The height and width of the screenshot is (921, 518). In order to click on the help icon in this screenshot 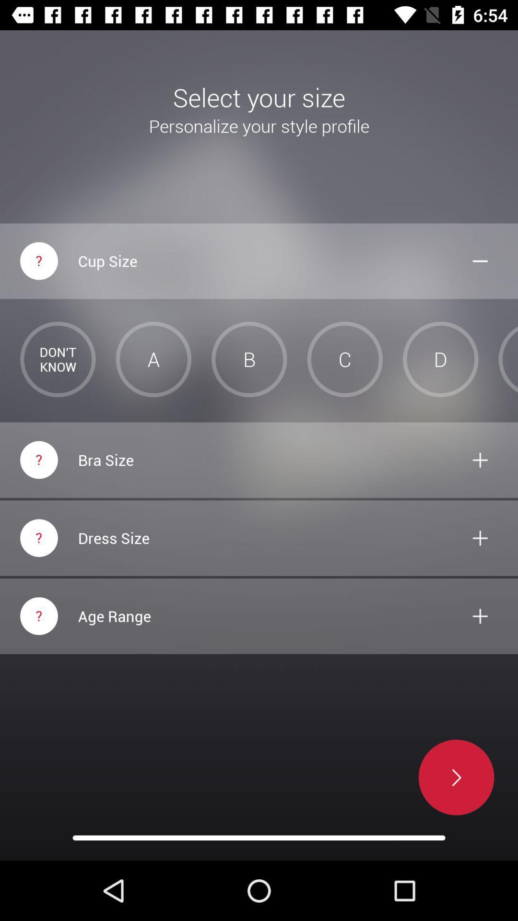, I will do `click(38, 538)`.